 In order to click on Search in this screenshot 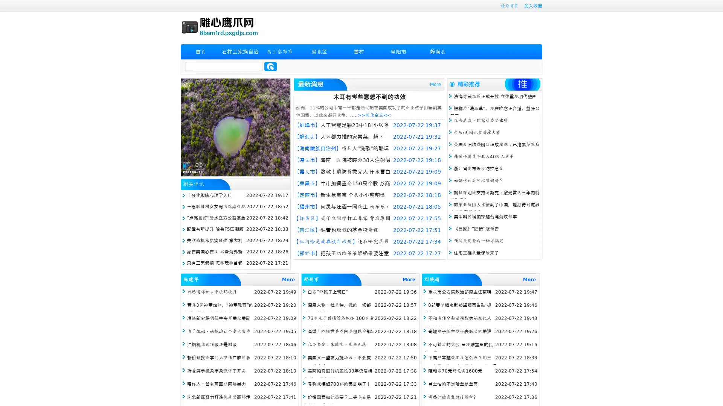, I will do `click(270, 66)`.